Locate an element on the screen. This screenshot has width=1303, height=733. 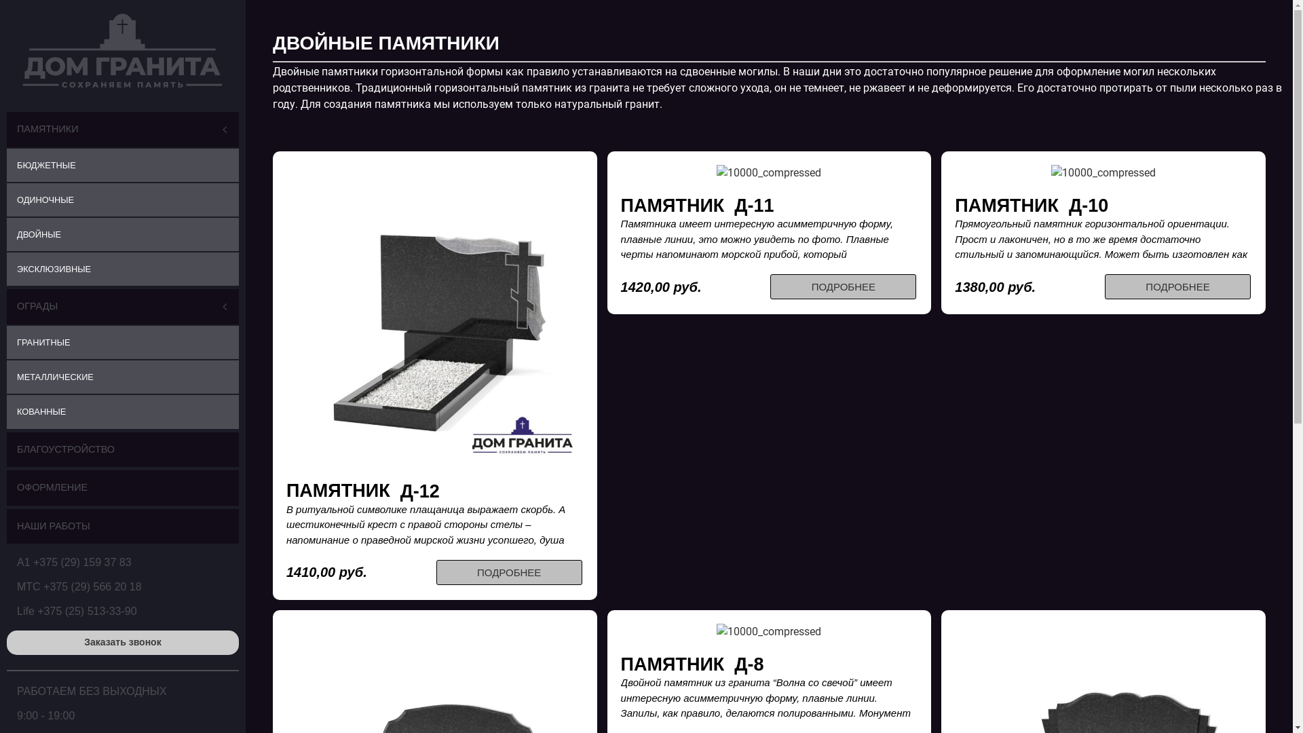
'Life +375 (25) 513-33-90' is located at coordinates (76, 611).